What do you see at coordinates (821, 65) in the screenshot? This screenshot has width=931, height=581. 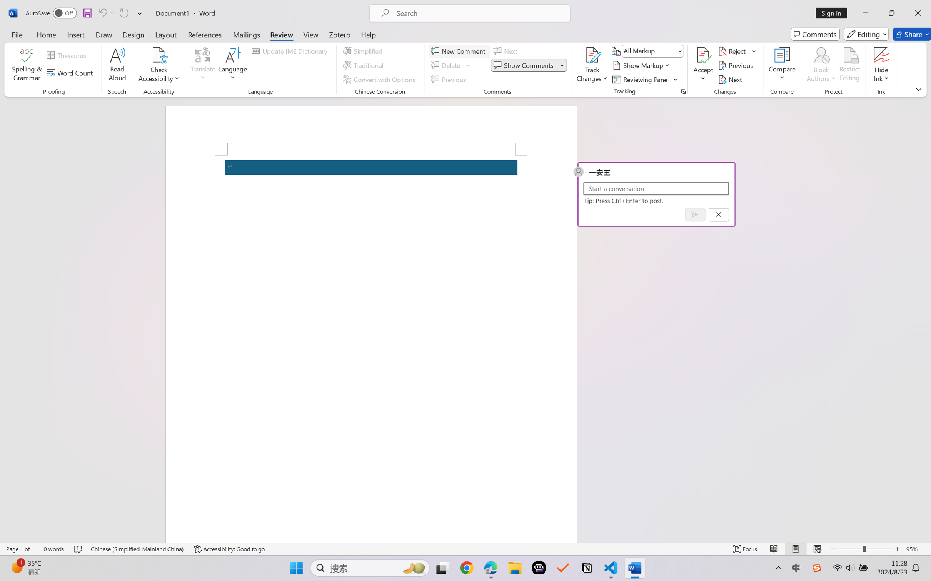 I see `'Block Authors'` at bounding box center [821, 65].